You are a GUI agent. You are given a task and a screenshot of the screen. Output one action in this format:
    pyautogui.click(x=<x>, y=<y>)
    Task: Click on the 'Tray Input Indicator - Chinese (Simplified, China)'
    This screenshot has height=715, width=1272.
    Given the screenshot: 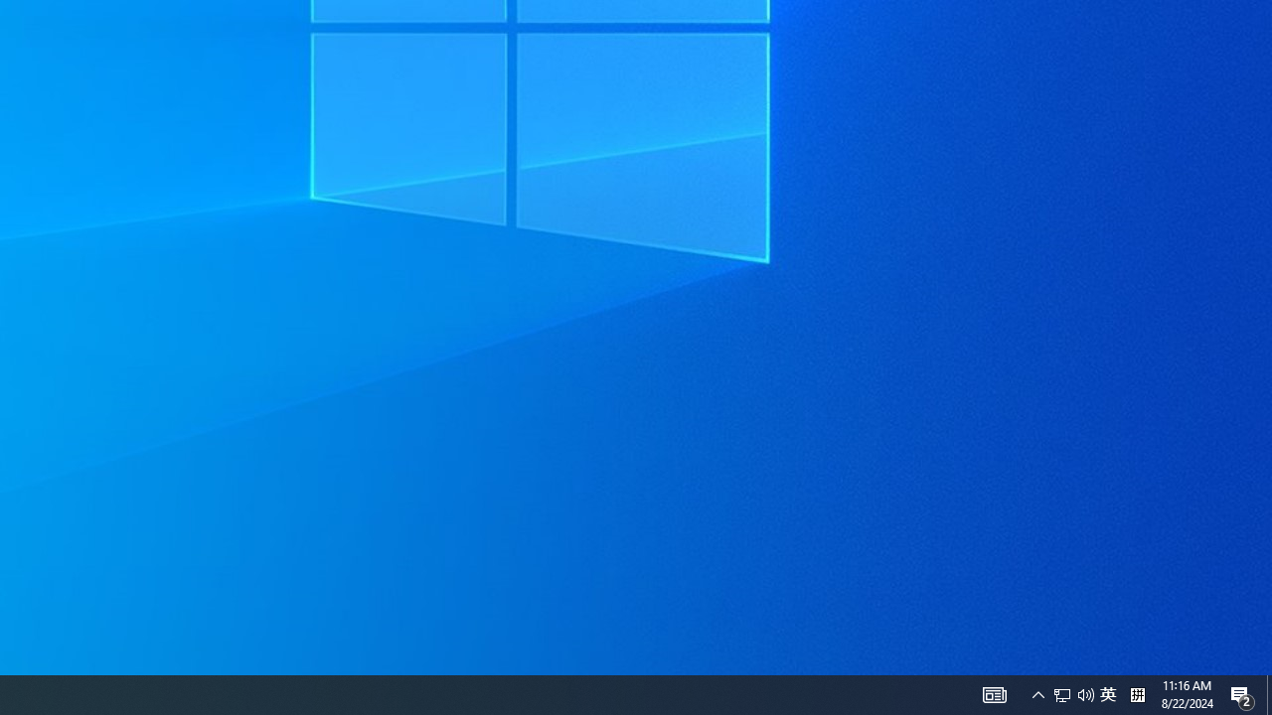 What is the action you would take?
    pyautogui.click(x=1107, y=693)
    